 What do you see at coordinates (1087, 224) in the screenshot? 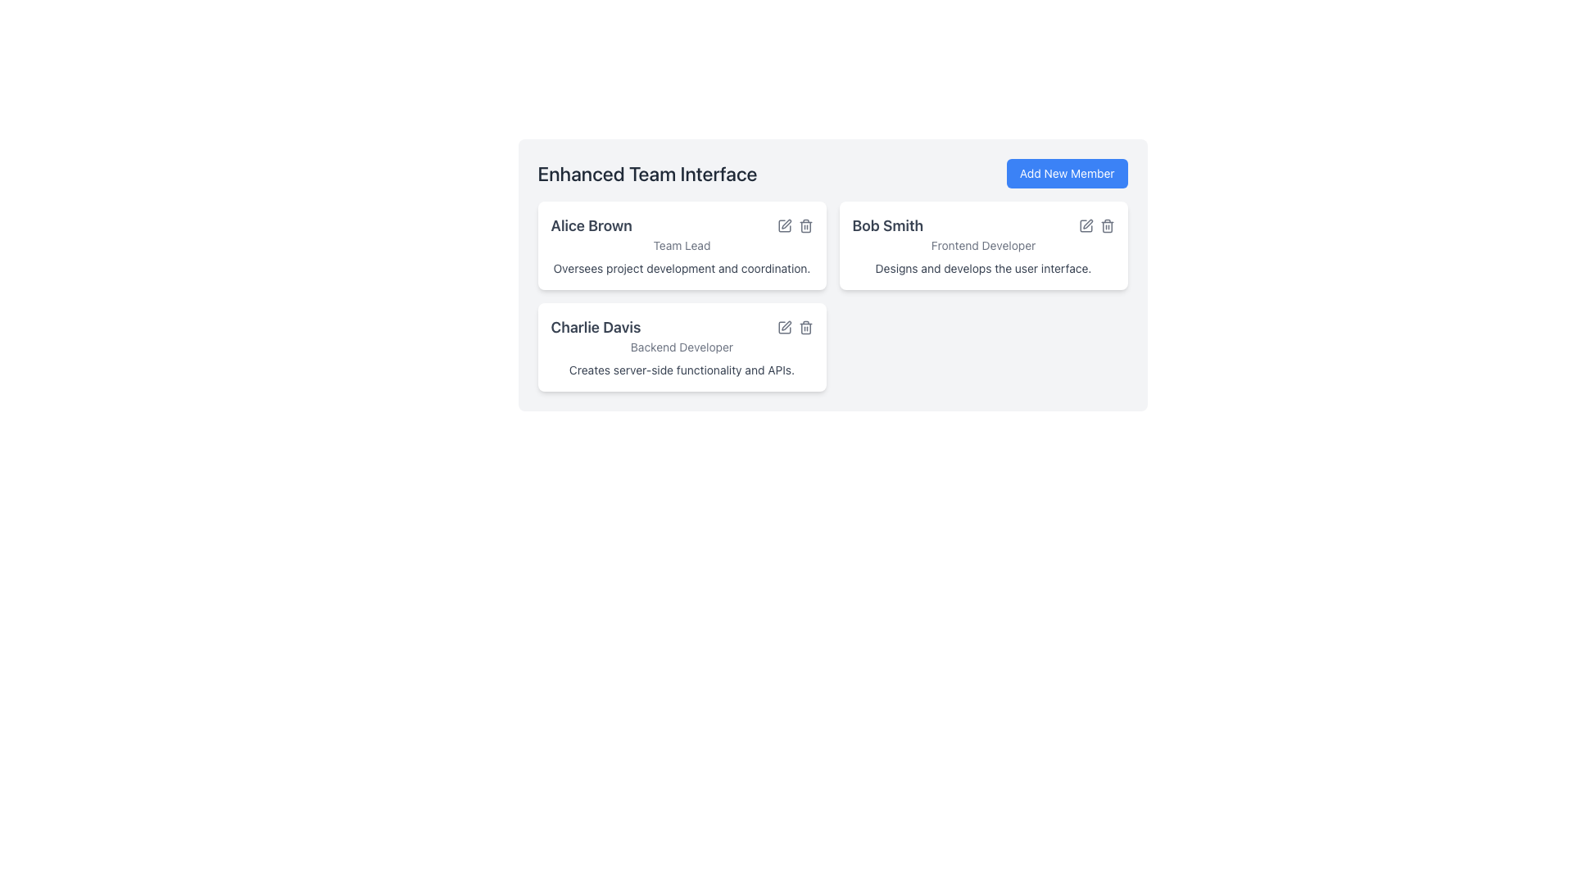
I see `the editing icon (pen within a square border) located at the top-right of the 'Bob Smith' card` at bounding box center [1087, 224].